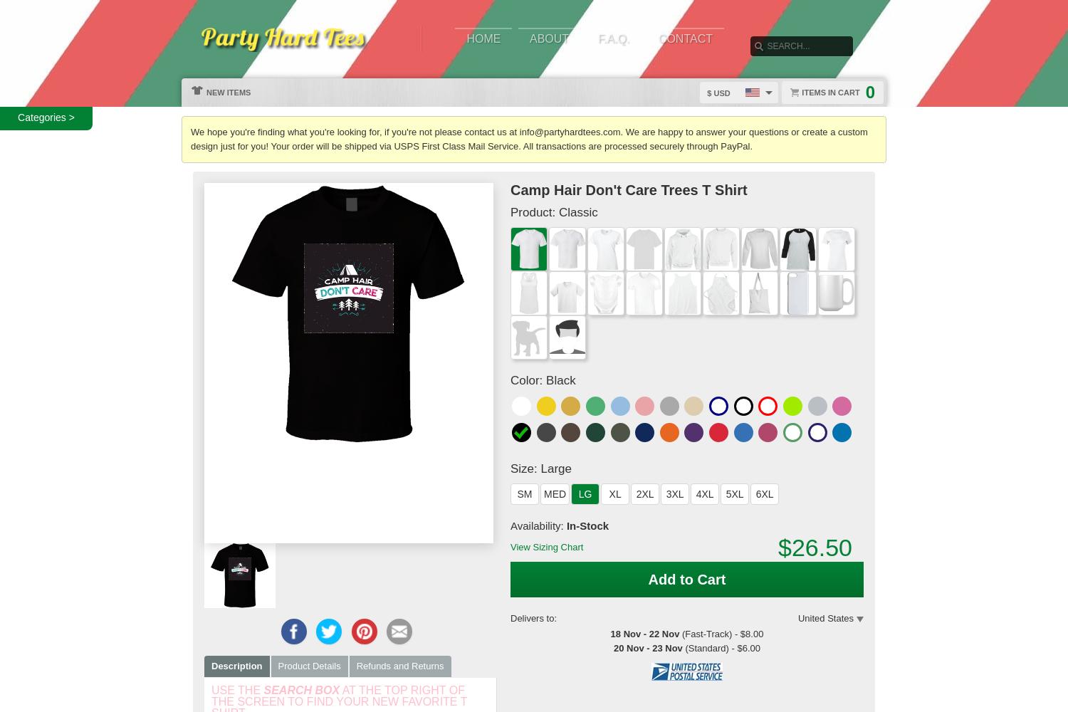  I want to click on 'Home', so click(483, 38).